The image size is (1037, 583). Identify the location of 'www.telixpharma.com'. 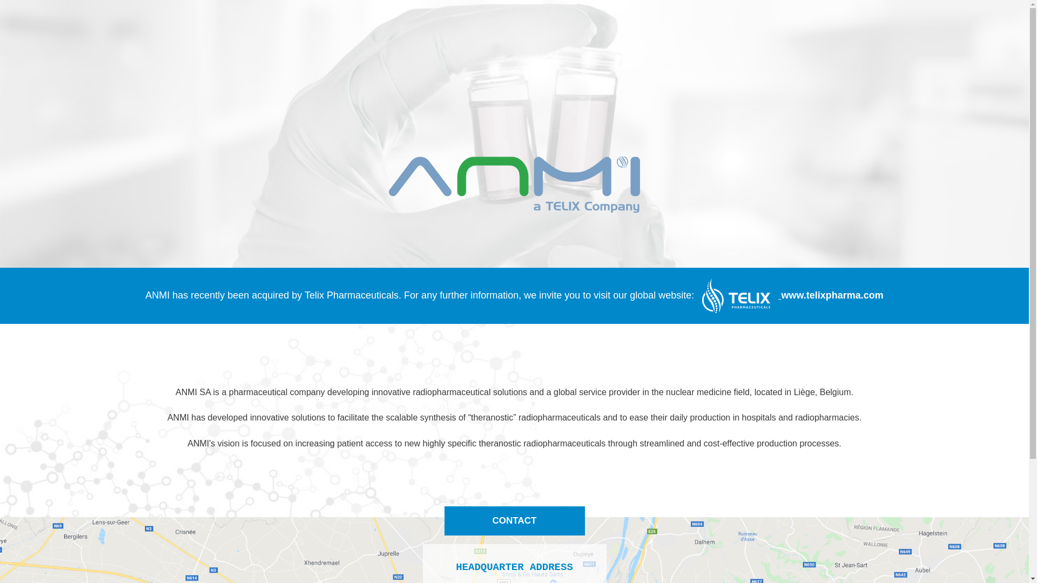
(788, 295).